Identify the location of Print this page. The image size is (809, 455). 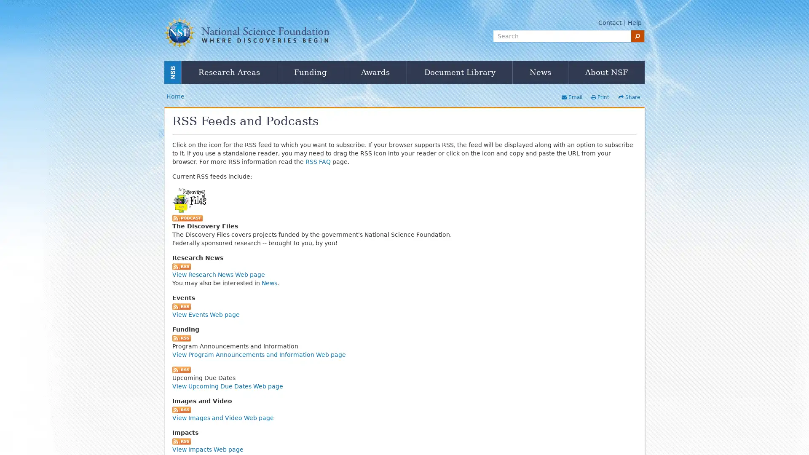
(600, 97).